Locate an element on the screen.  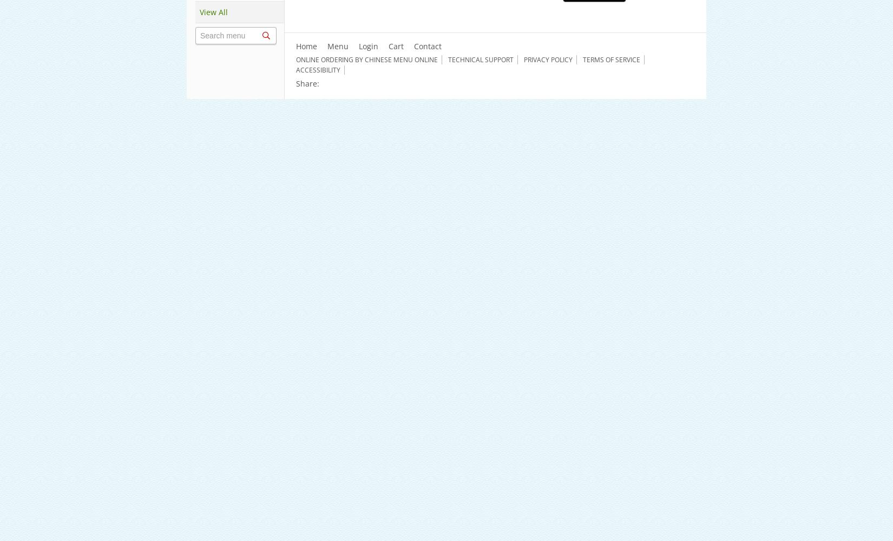
'Accessibility' is located at coordinates (317, 70).